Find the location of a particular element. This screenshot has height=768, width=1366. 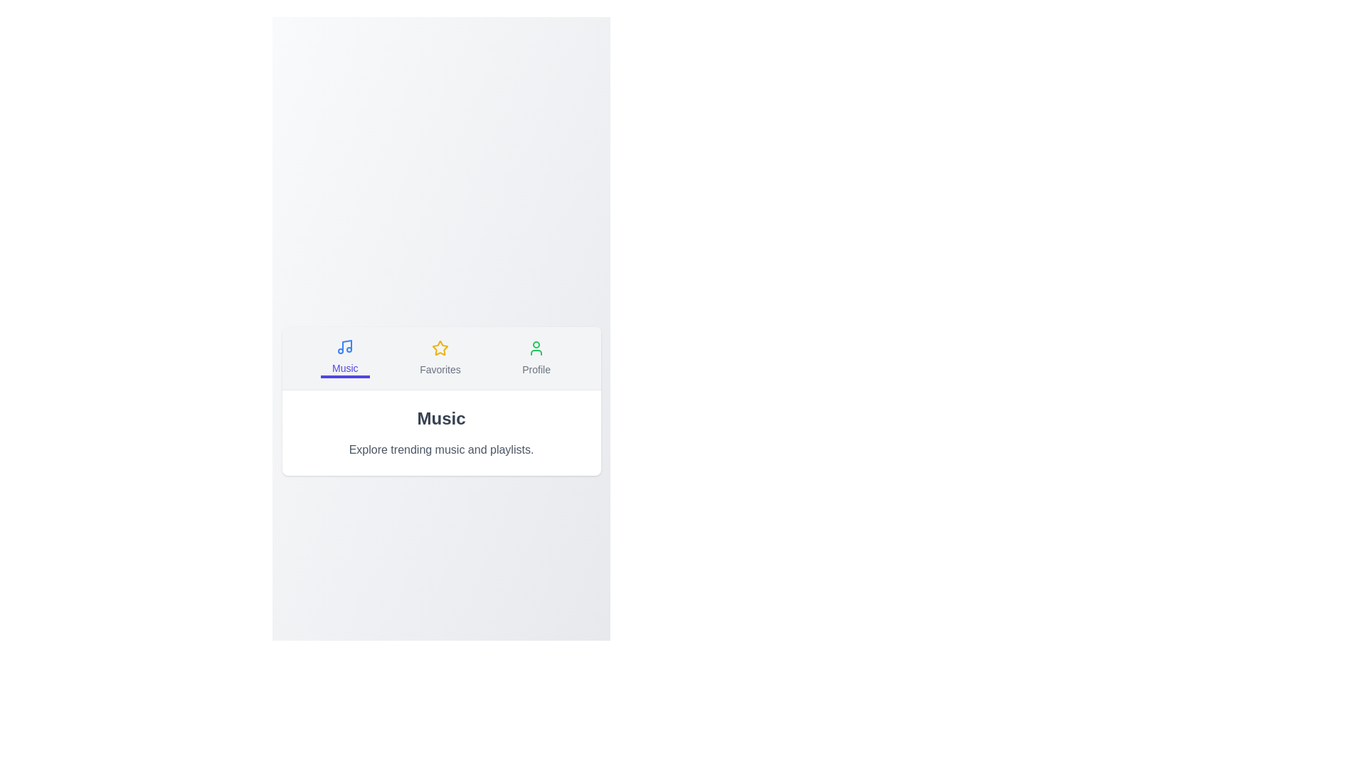

the tab icon corresponding to Profile is located at coordinates (536, 357).